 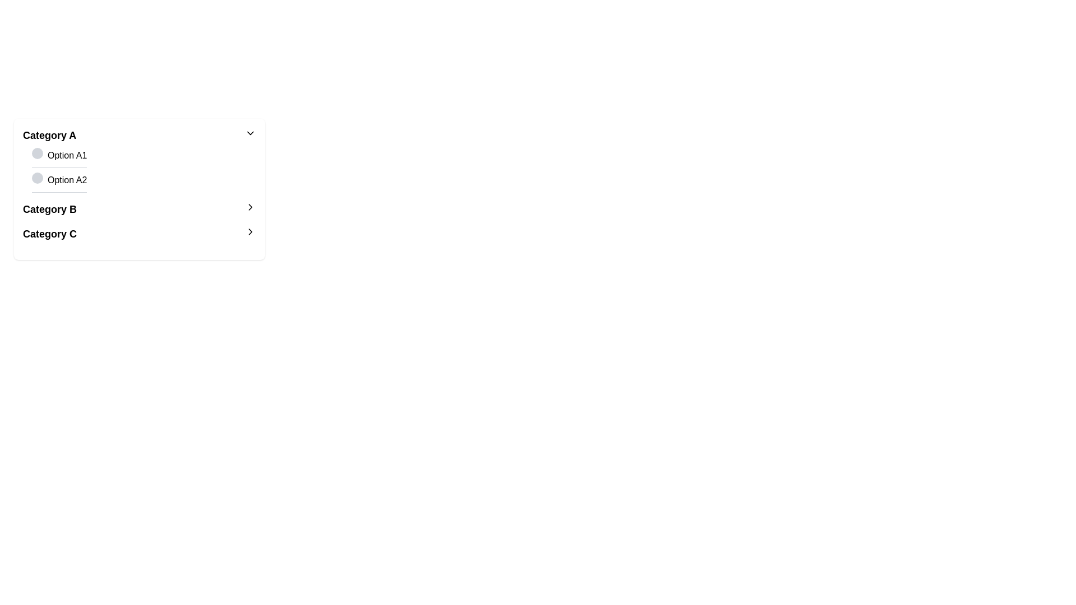 What do you see at coordinates (139, 170) in the screenshot?
I see `the radio button group located in the 'Category A' section, which contains options 'Option A1' and 'Option A2', positioned directly beneath the title 'Category A'` at bounding box center [139, 170].